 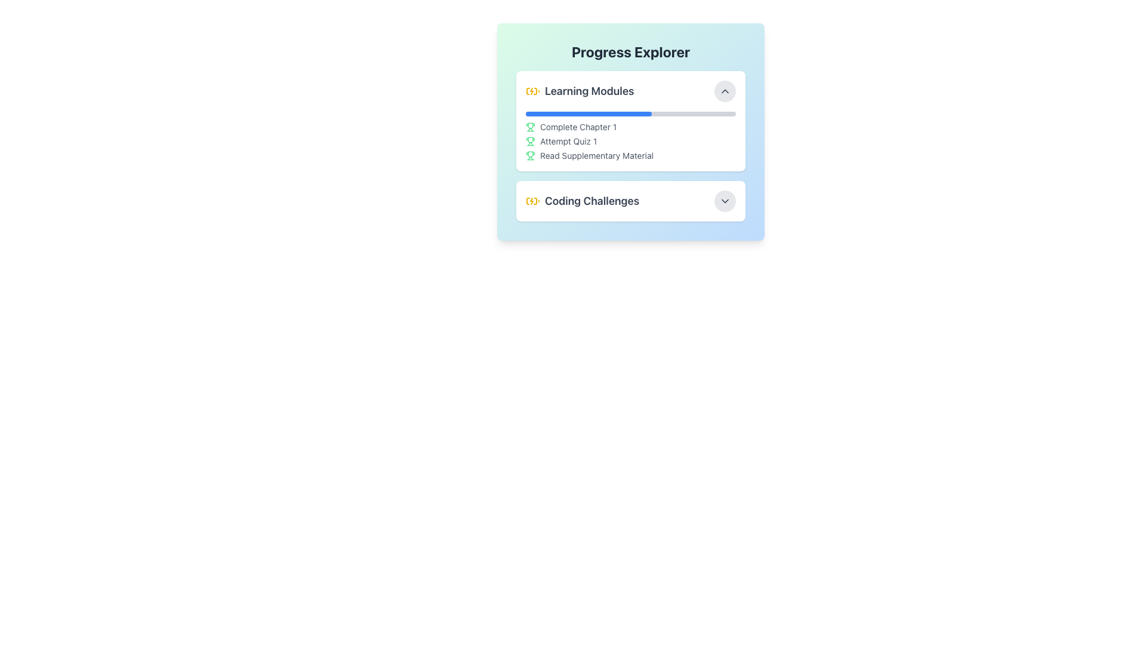 I want to click on progress bar located near the top of the 'Learning Modules' section, which visually indicates the percentage of task completion, for its current progress value, so click(x=630, y=114).